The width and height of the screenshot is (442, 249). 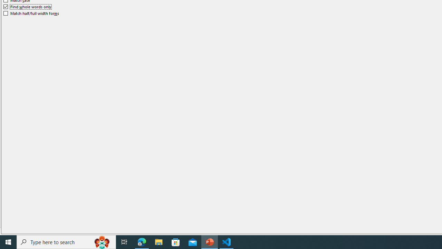 I want to click on 'Match half/full width forms', so click(x=31, y=13).